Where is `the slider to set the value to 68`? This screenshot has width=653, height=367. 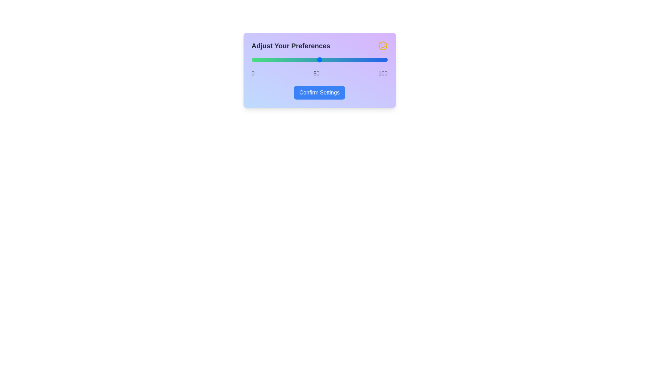 the slider to set the value to 68 is located at coordinates (344, 59).